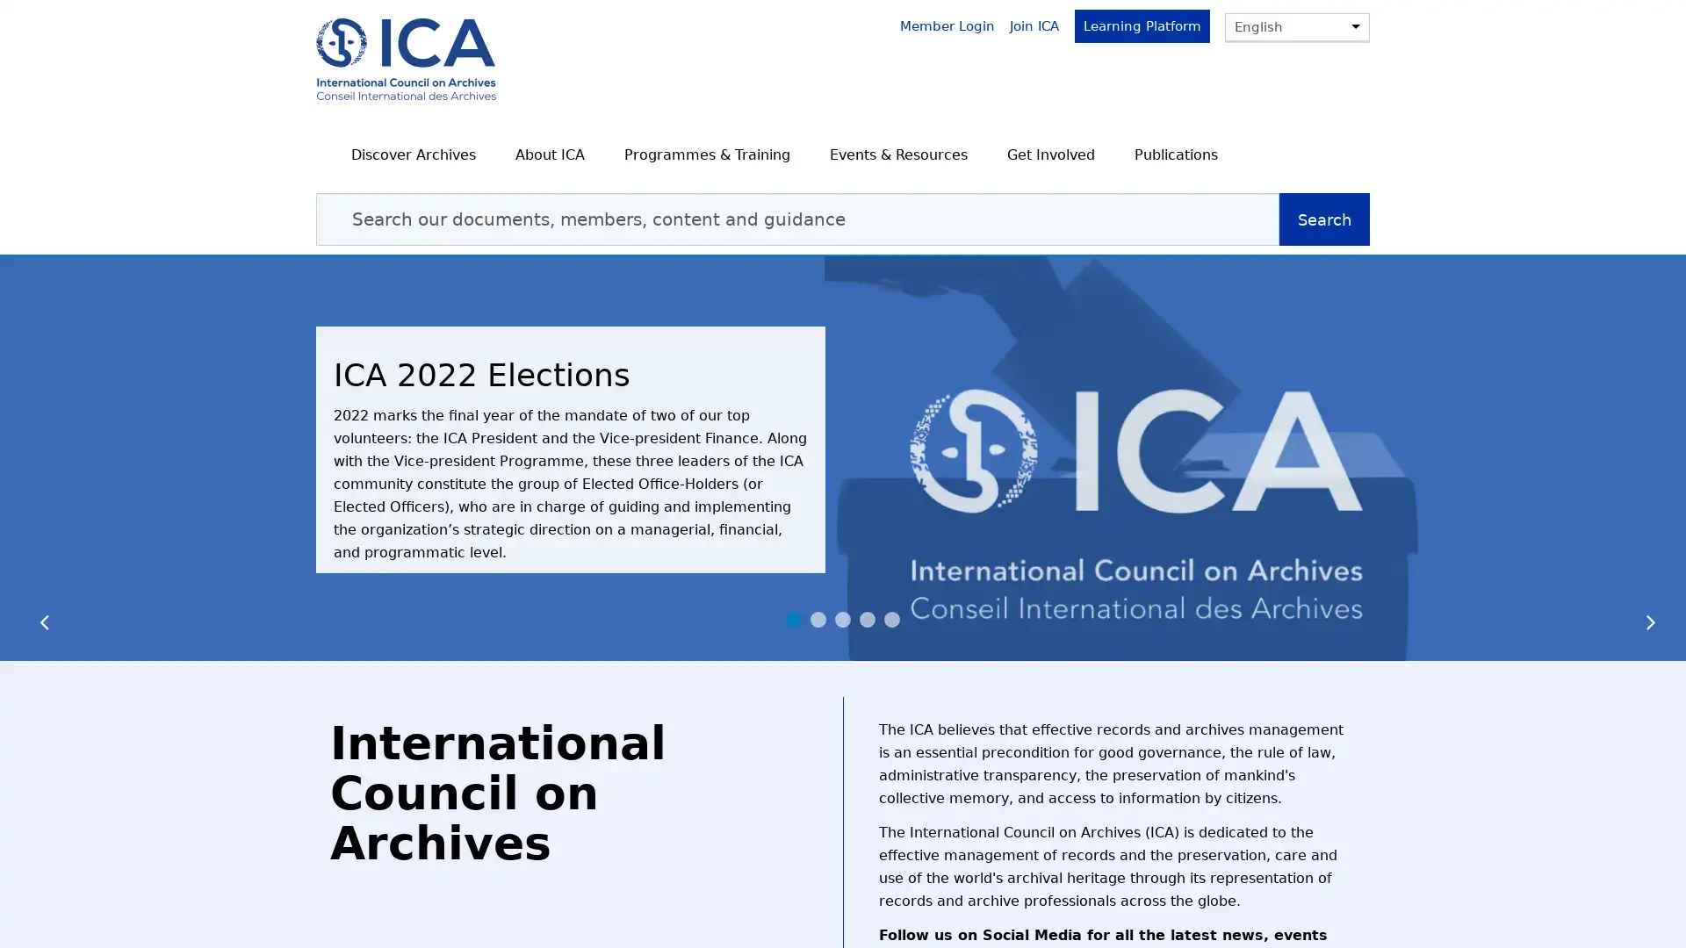 The image size is (1686, 948). What do you see at coordinates (39, 611) in the screenshot?
I see `Previous slide` at bounding box center [39, 611].